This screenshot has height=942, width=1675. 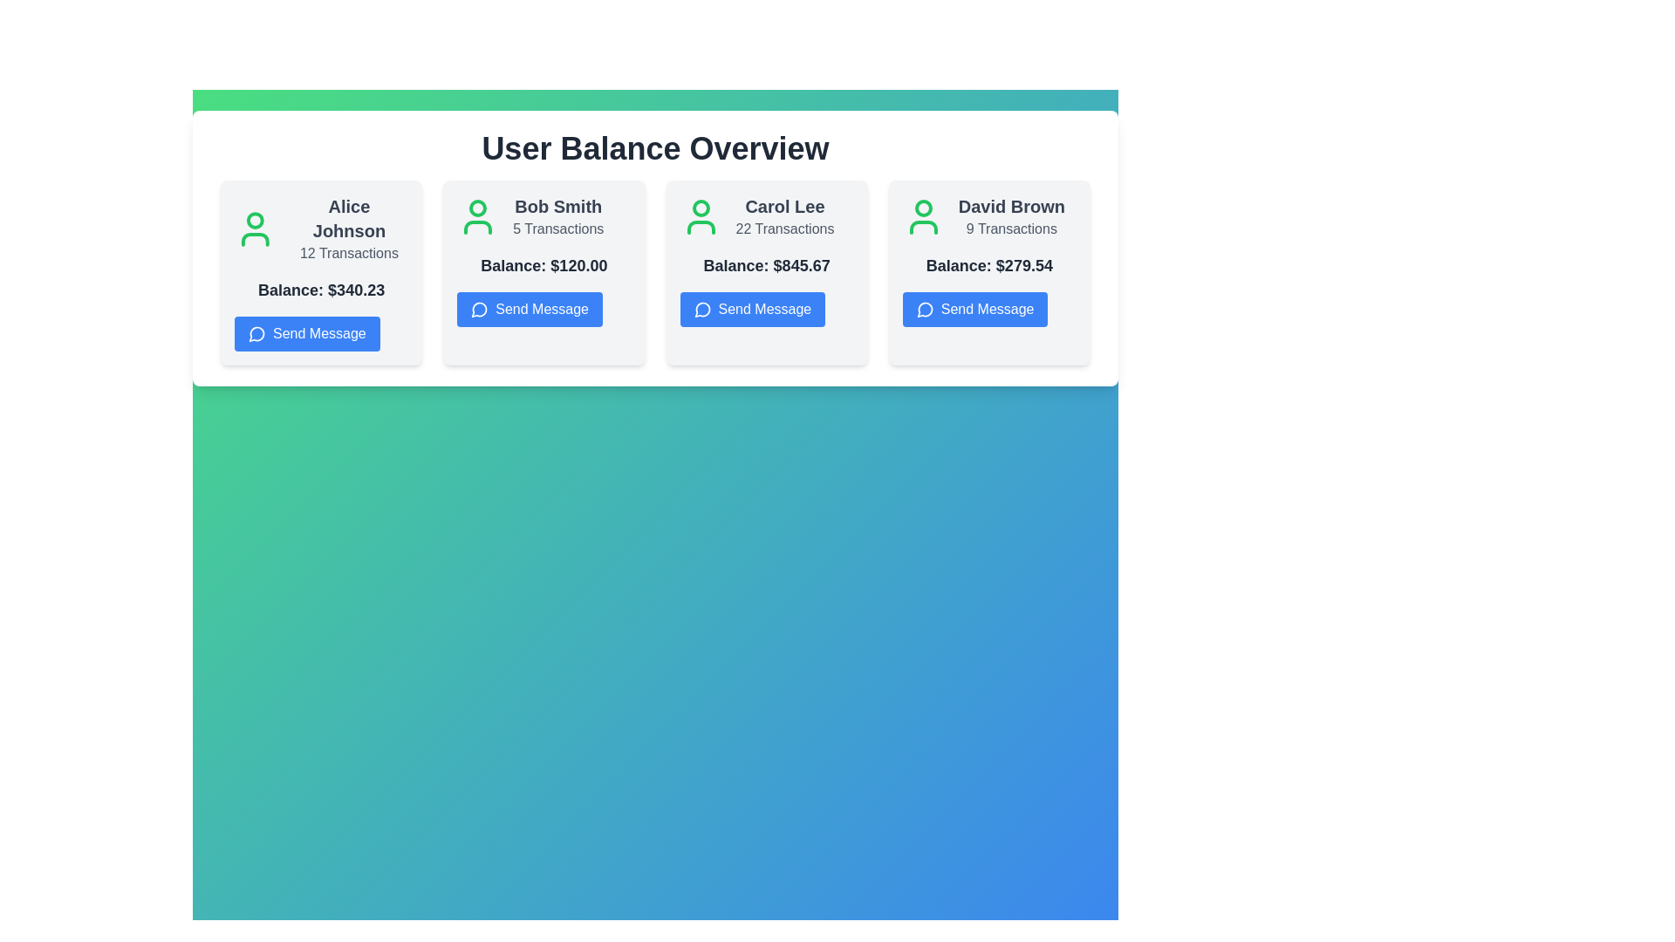 What do you see at coordinates (989, 265) in the screenshot?
I see `the 'Balance: $279.54' text display element located in the card for 'David Brown', which is styled in bold dark gray on a light background, positioned below the header and above the 'Send Message' button` at bounding box center [989, 265].